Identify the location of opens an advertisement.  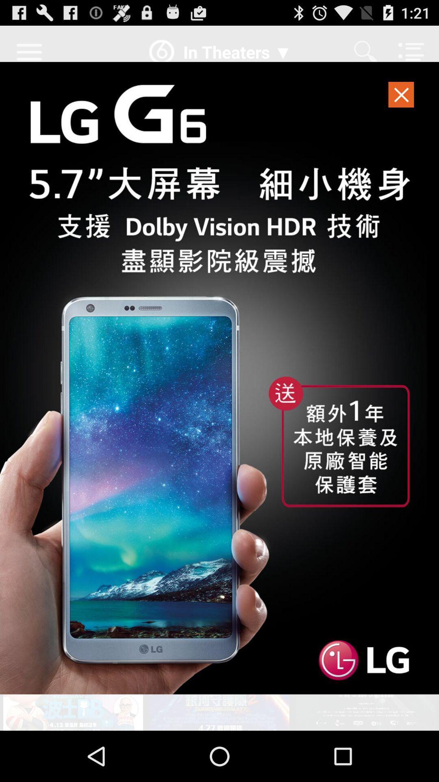
(219, 378).